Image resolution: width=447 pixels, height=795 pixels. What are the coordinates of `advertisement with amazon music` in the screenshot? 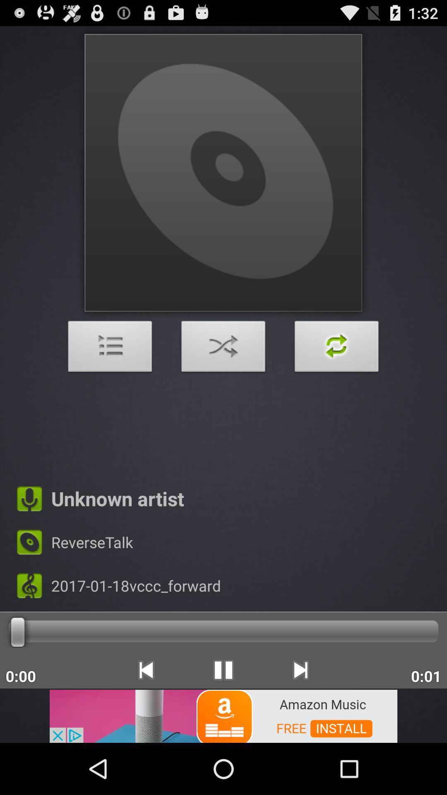 It's located at (223, 715).